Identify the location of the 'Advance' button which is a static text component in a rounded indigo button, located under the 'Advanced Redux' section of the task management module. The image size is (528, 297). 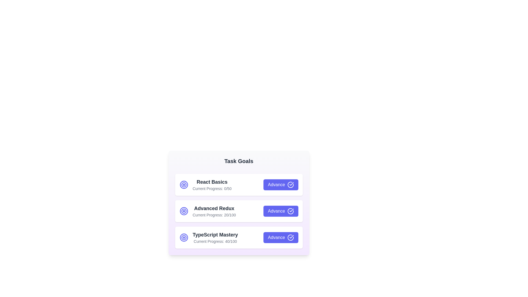
(276, 211).